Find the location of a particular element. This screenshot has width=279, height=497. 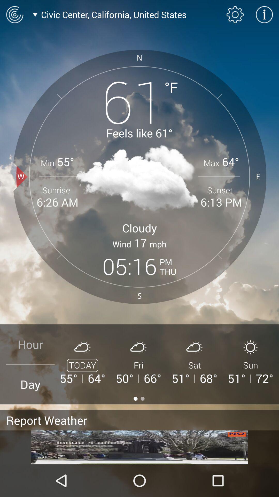

click the advertisement at bottom is located at coordinates (139, 447).